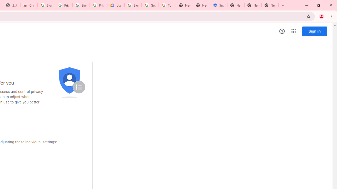 This screenshot has height=189, width=337. Describe the element at coordinates (150, 5) in the screenshot. I see `'Google Account Help'` at that location.